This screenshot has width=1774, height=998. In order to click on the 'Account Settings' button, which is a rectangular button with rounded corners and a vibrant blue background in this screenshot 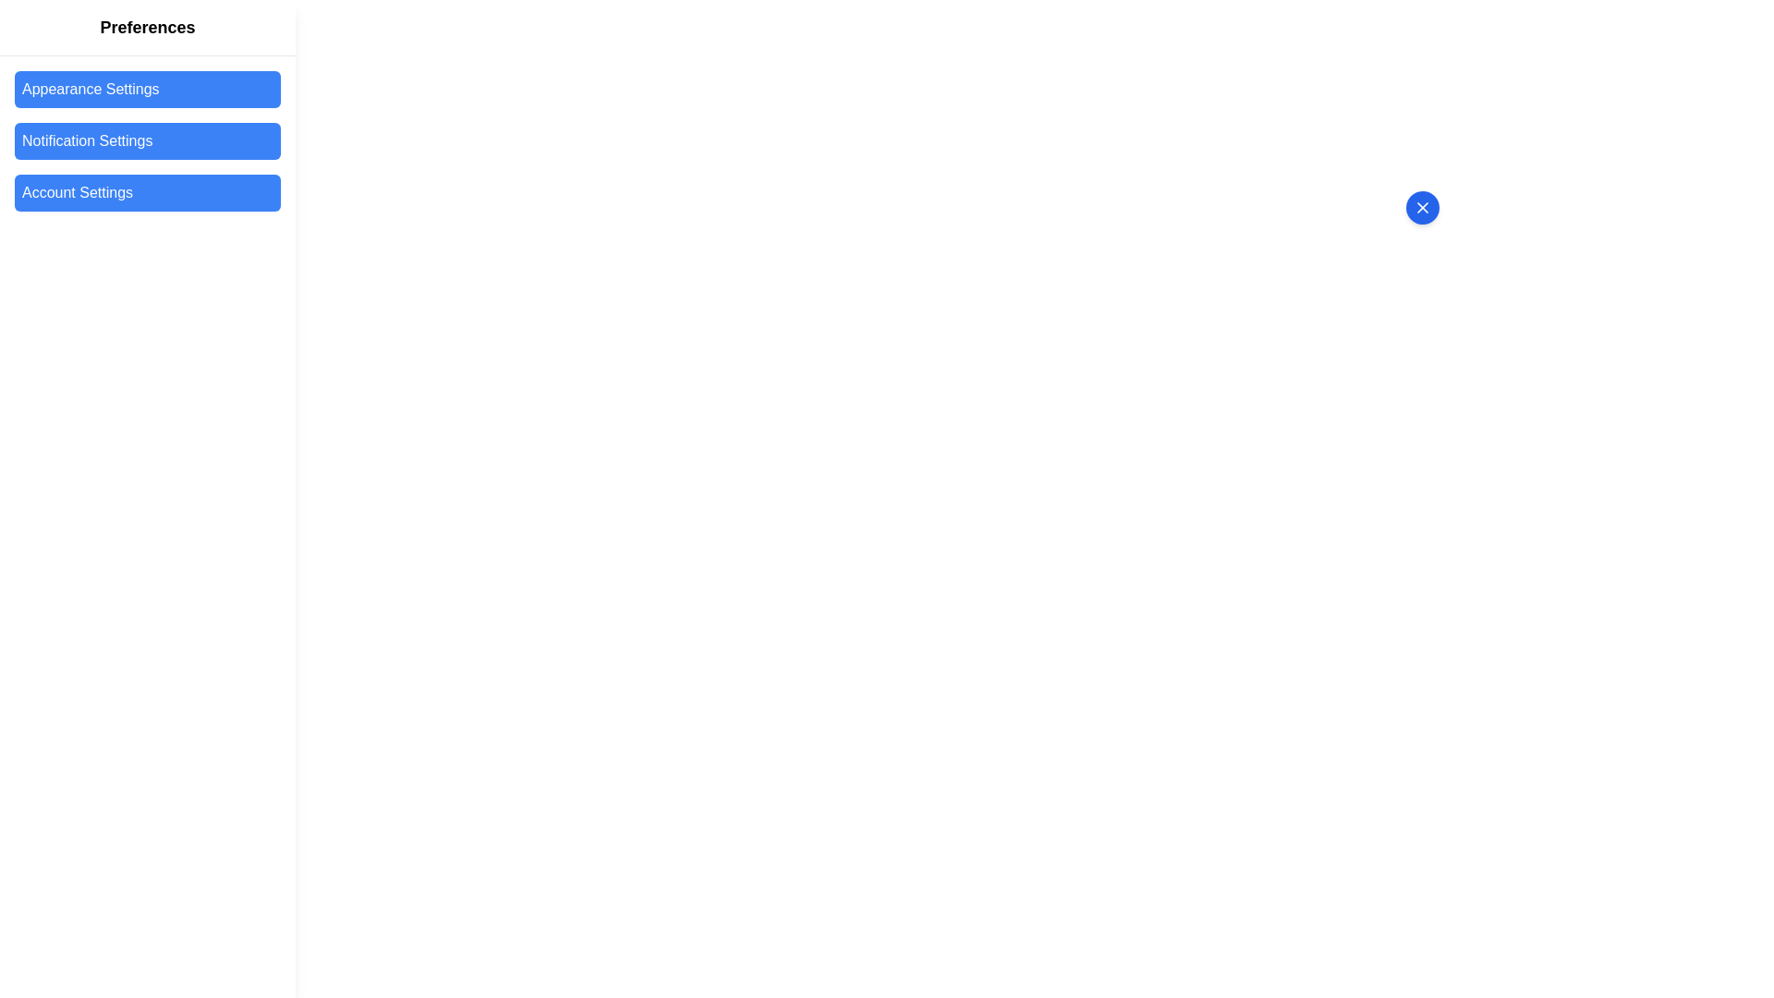, I will do `click(146, 192)`.